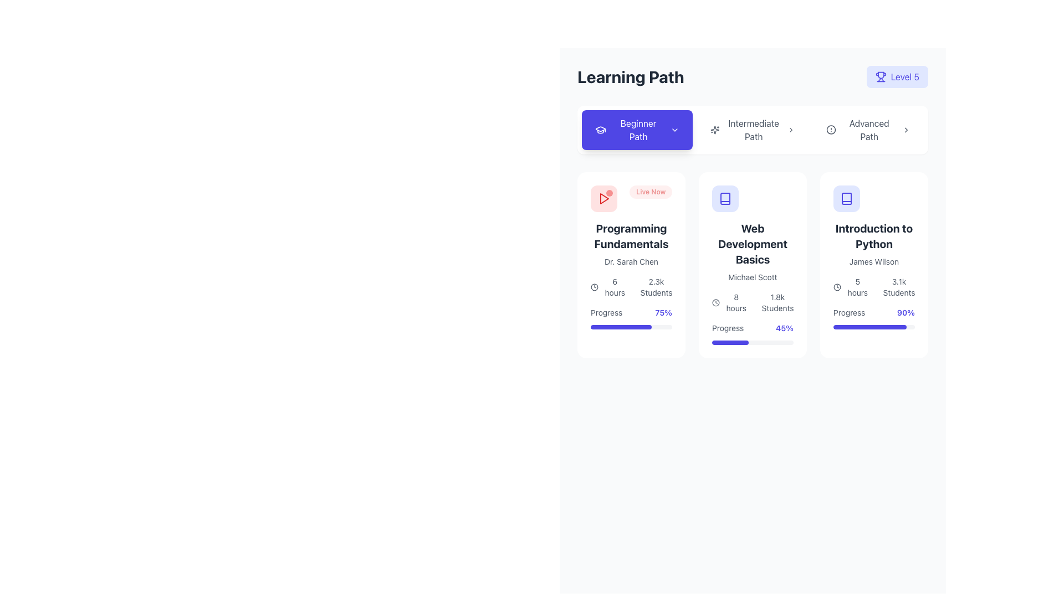 This screenshot has width=1064, height=598. I want to click on information displayed in the text label showing '90%' in bold indigo font, located in the bottom right corner of the 'Introduction to Python' card next to the 'Progress' label, so click(906, 312).